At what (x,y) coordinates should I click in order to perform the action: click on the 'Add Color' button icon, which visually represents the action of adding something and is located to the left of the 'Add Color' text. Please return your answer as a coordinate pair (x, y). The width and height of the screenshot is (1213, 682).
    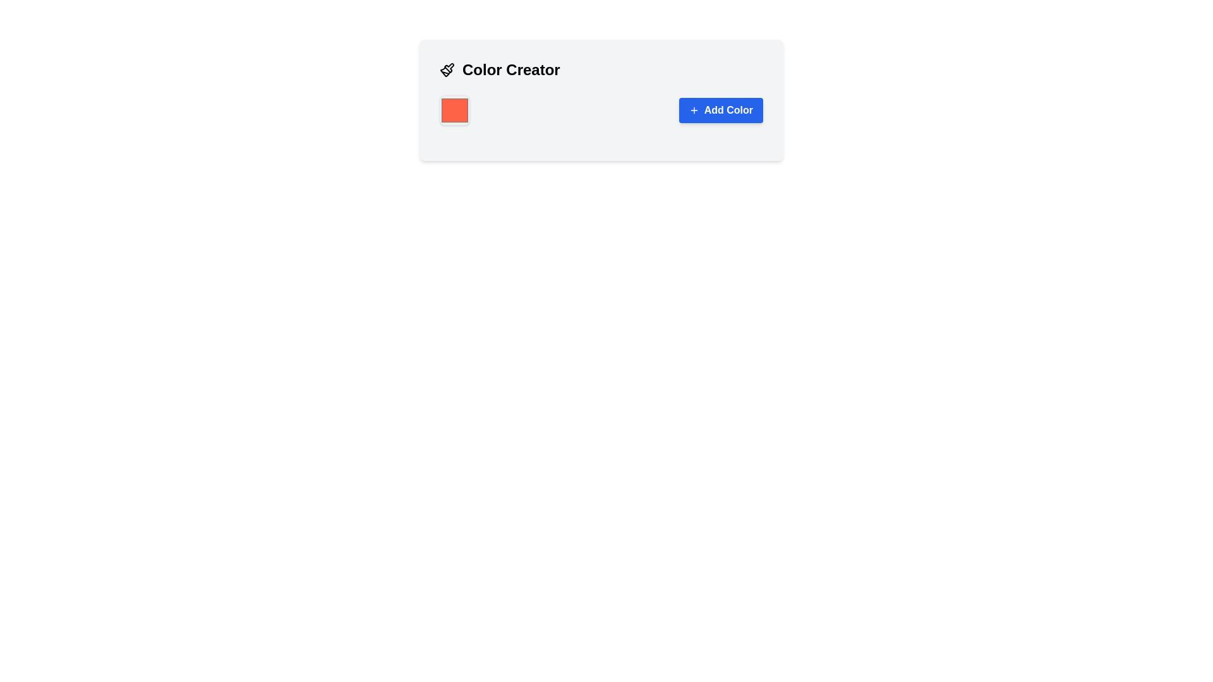
    Looking at the image, I should click on (693, 109).